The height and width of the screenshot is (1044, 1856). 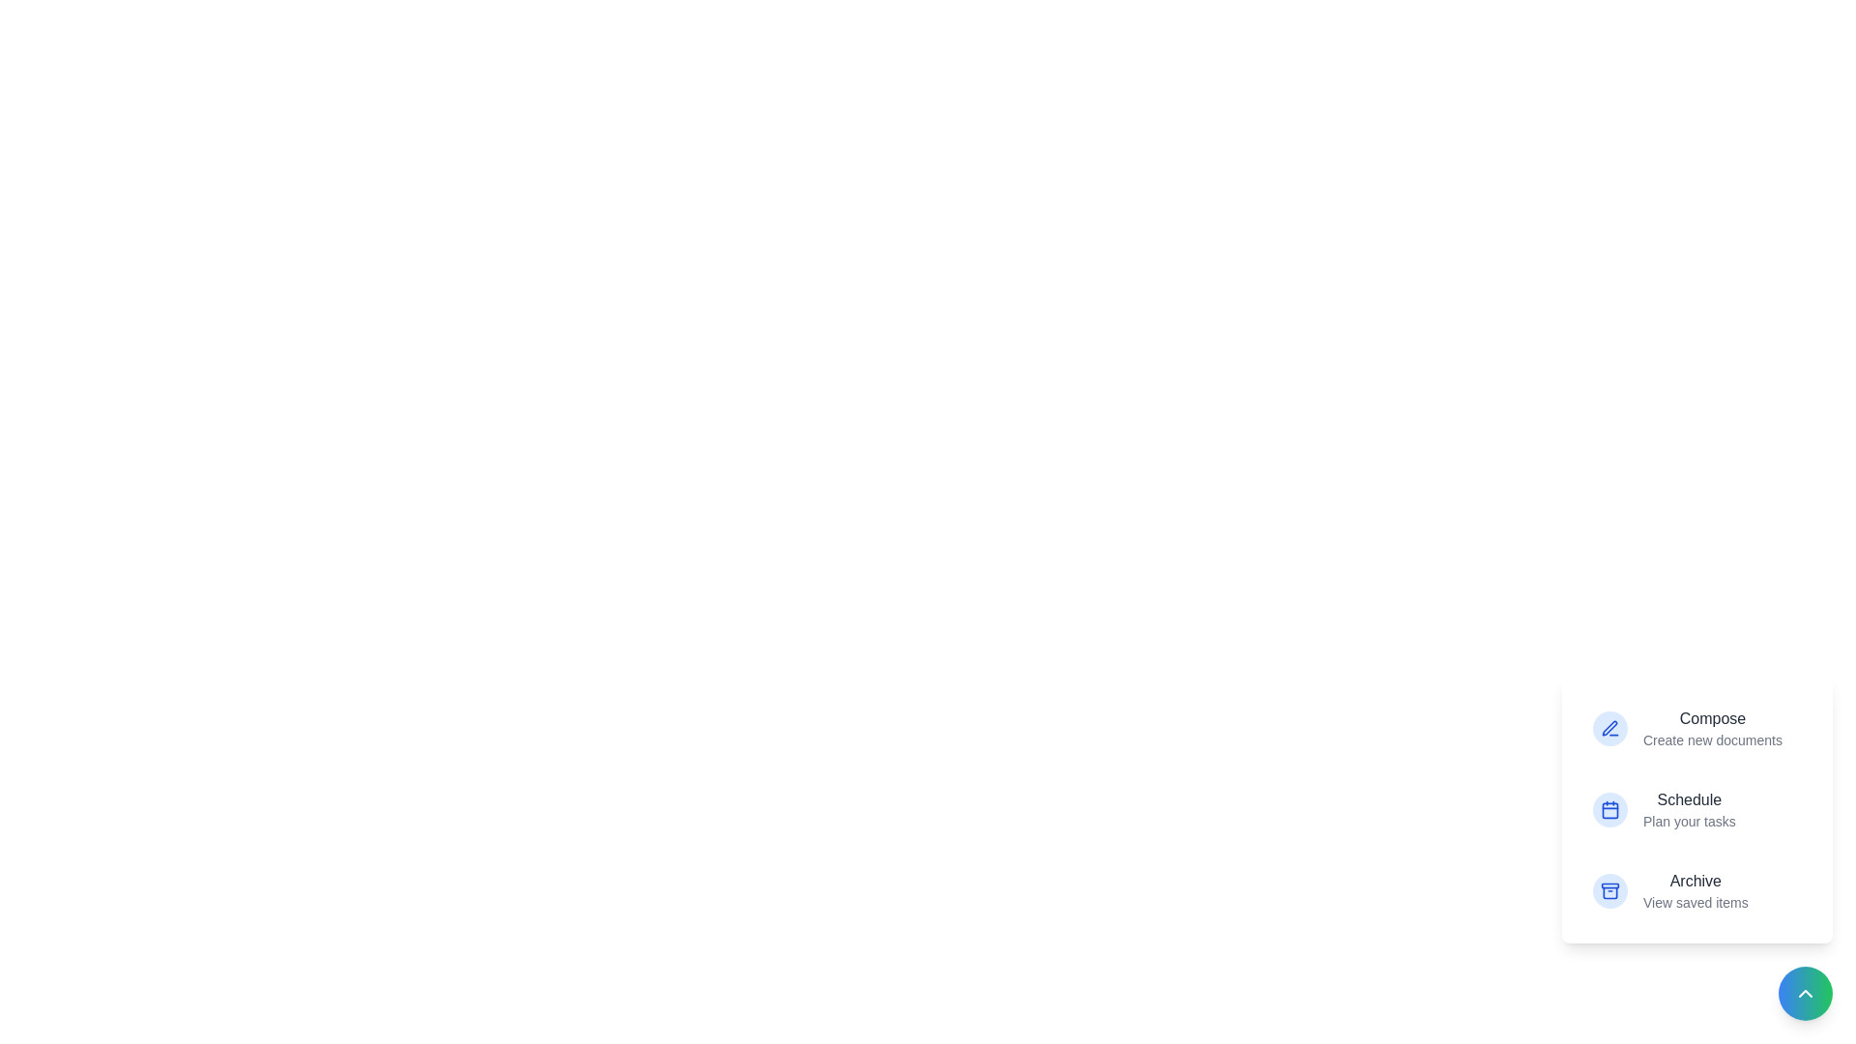 I want to click on the icon corresponding to Compose in the action menu, so click(x=1609, y=728).